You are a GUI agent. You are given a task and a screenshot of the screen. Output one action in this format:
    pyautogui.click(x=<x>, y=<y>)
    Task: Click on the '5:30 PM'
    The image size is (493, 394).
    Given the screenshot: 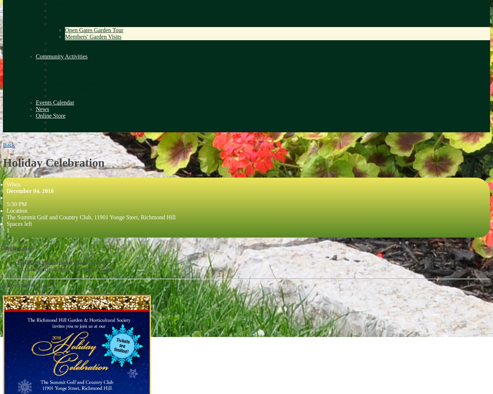 What is the action you would take?
    pyautogui.click(x=16, y=203)
    